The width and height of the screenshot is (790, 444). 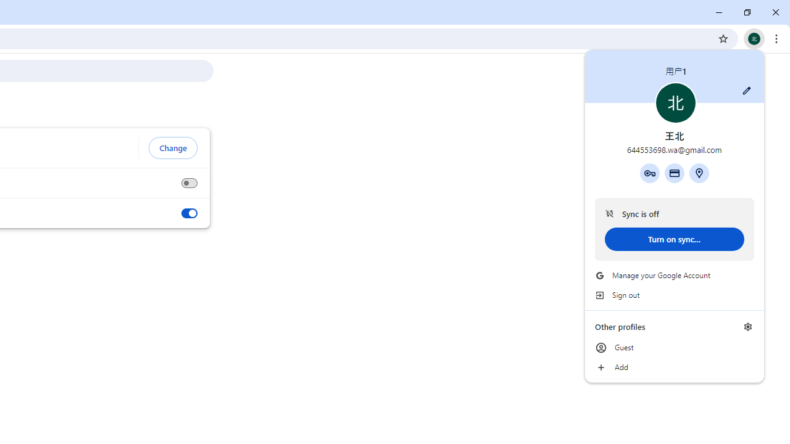 I want to click on 'Sign out', so click(x=674, y=295).